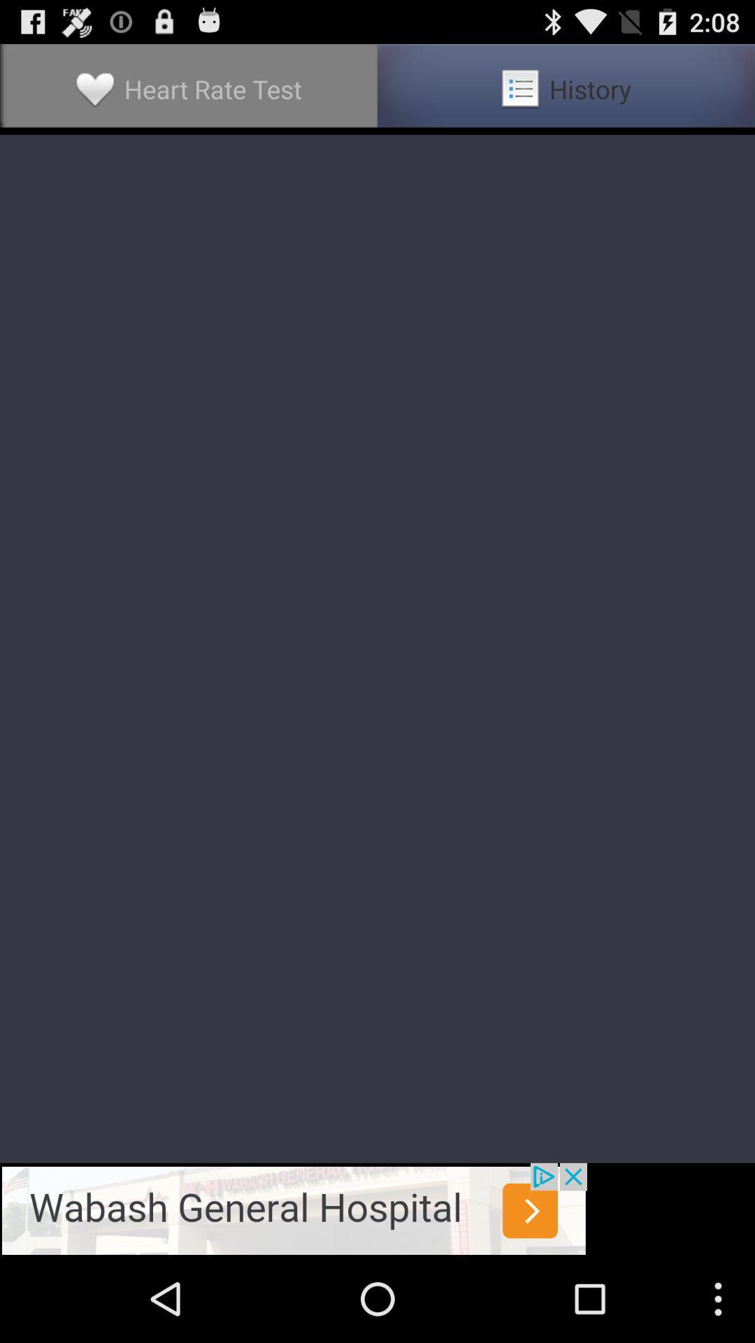 The width and height of the screenshot is (755, 1343). I want to click on go to advt page, so click(293, 1208).